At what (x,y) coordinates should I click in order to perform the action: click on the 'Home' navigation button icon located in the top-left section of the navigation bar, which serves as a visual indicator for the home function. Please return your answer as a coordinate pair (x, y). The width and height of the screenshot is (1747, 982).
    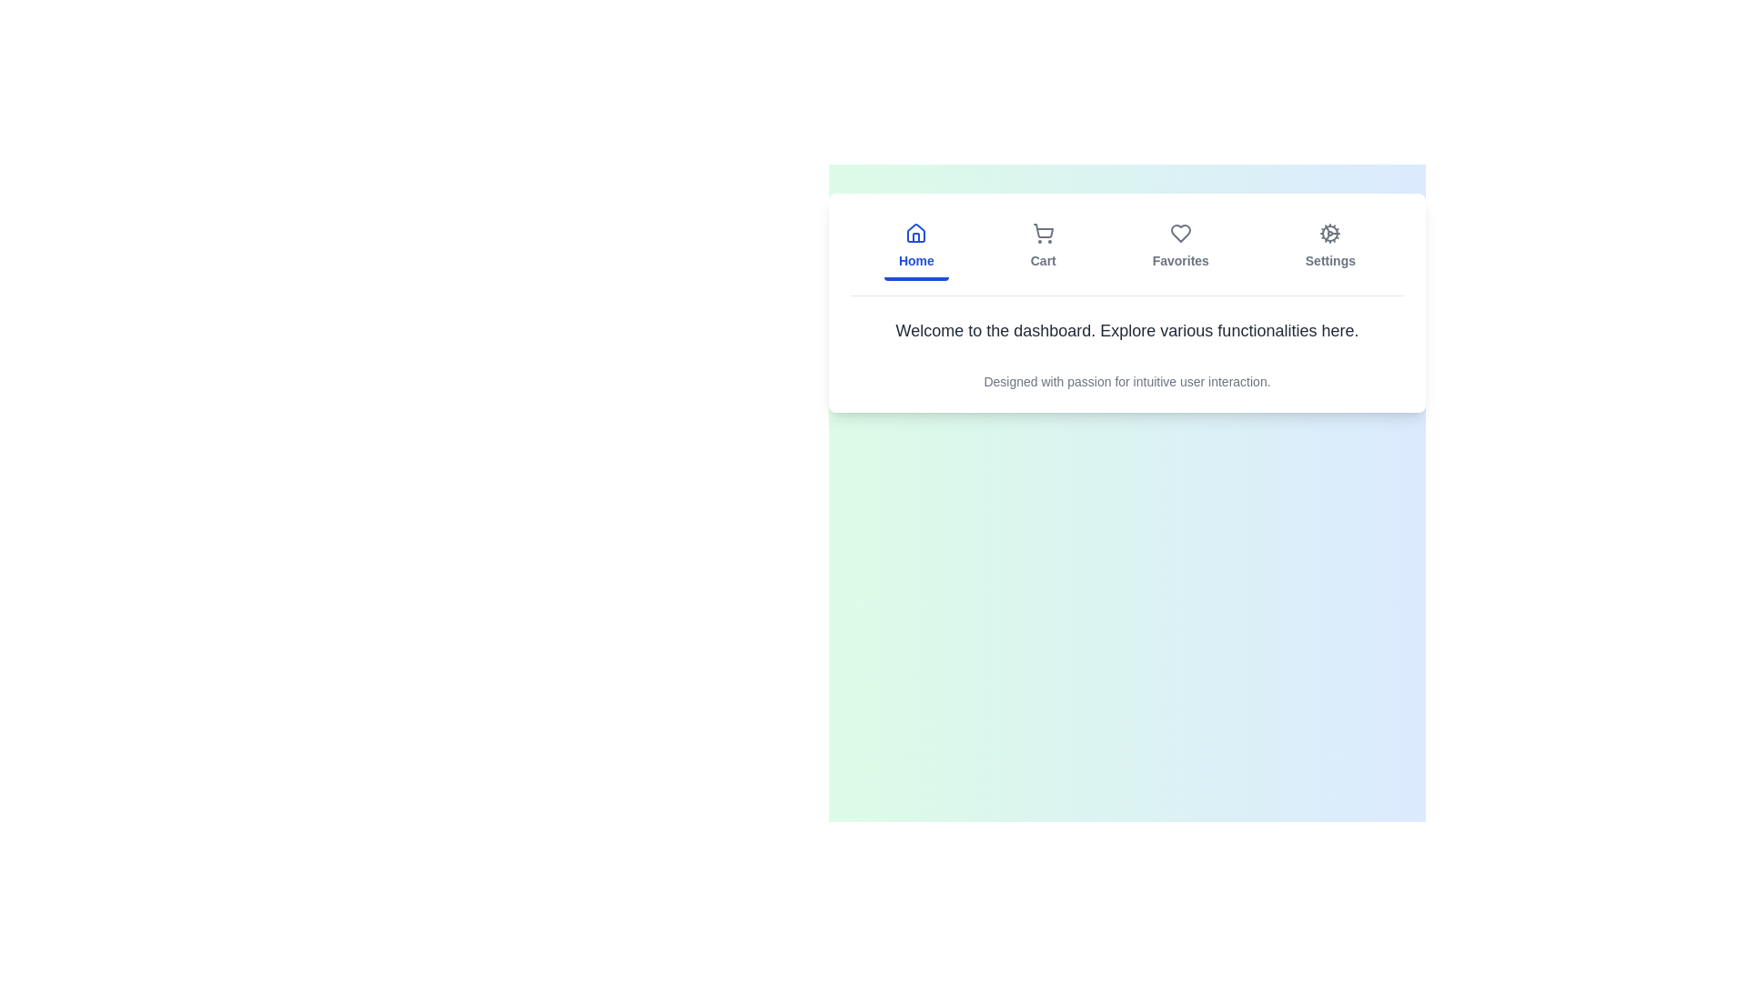
    Looking at the image, I should click on (916, 233).